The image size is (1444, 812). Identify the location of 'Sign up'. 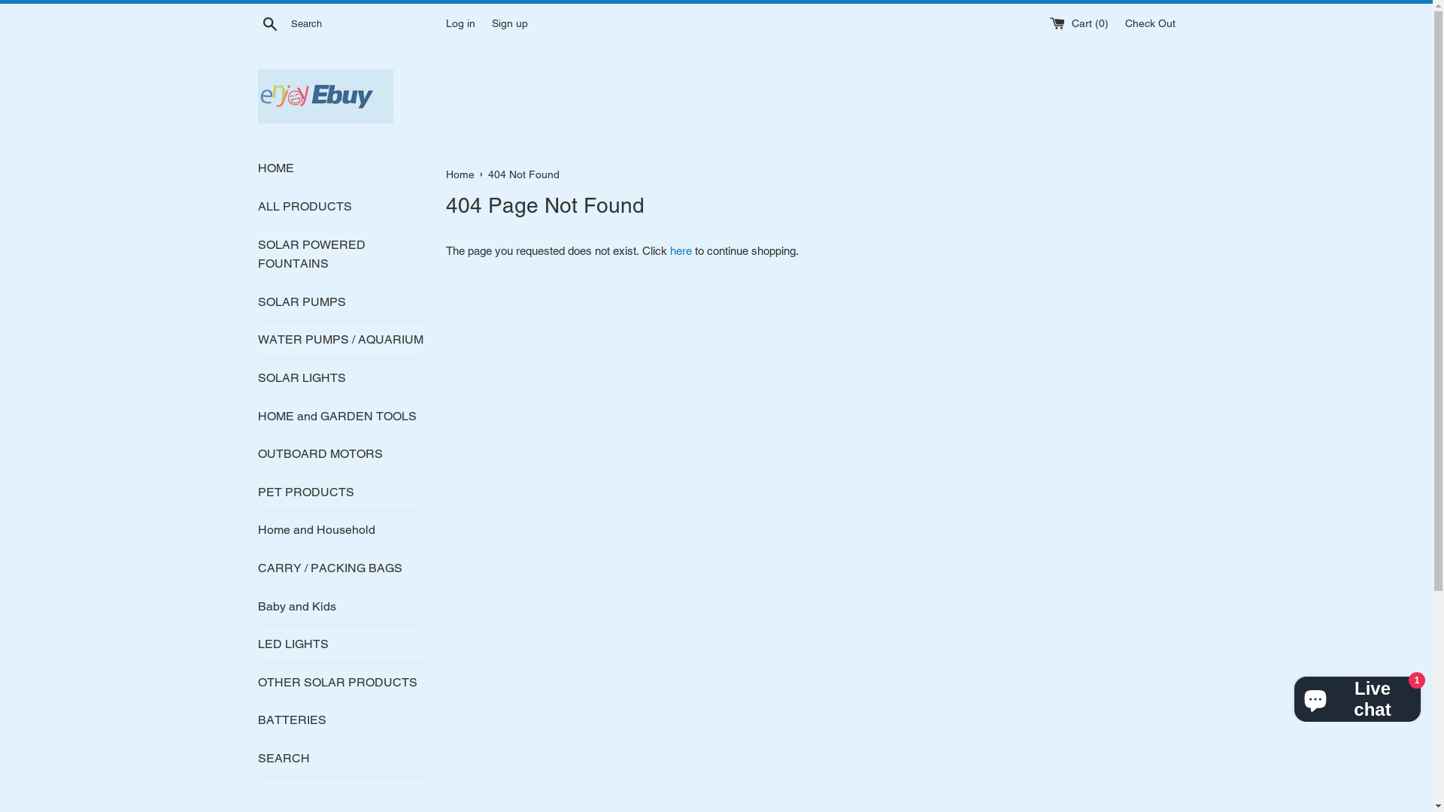
(491, 23).